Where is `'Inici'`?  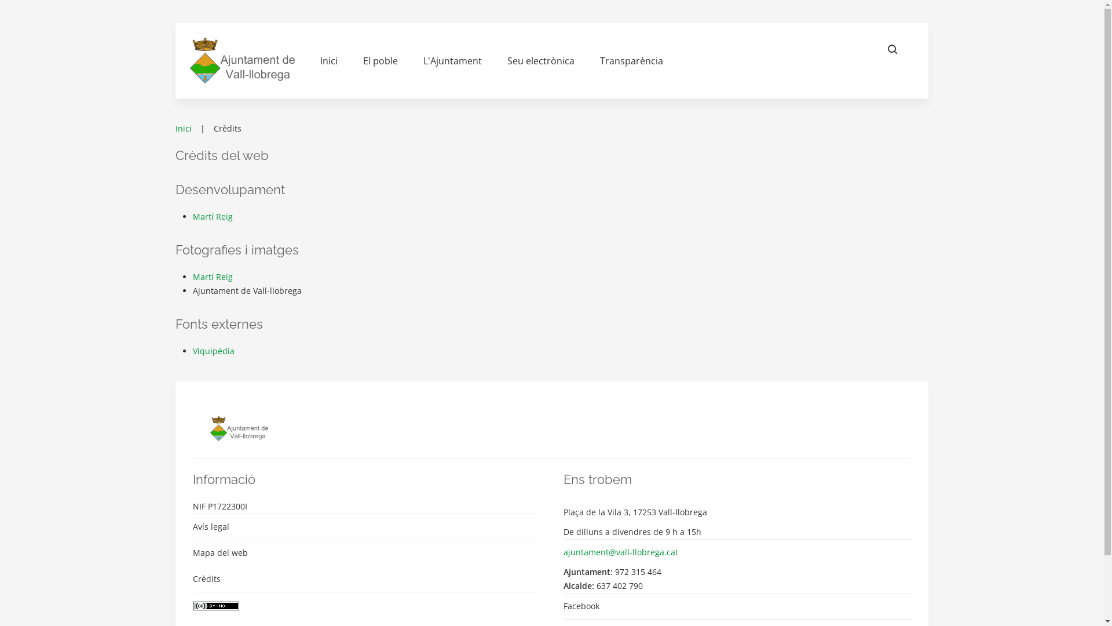 'Inici' is located at coordinates (182, 129).